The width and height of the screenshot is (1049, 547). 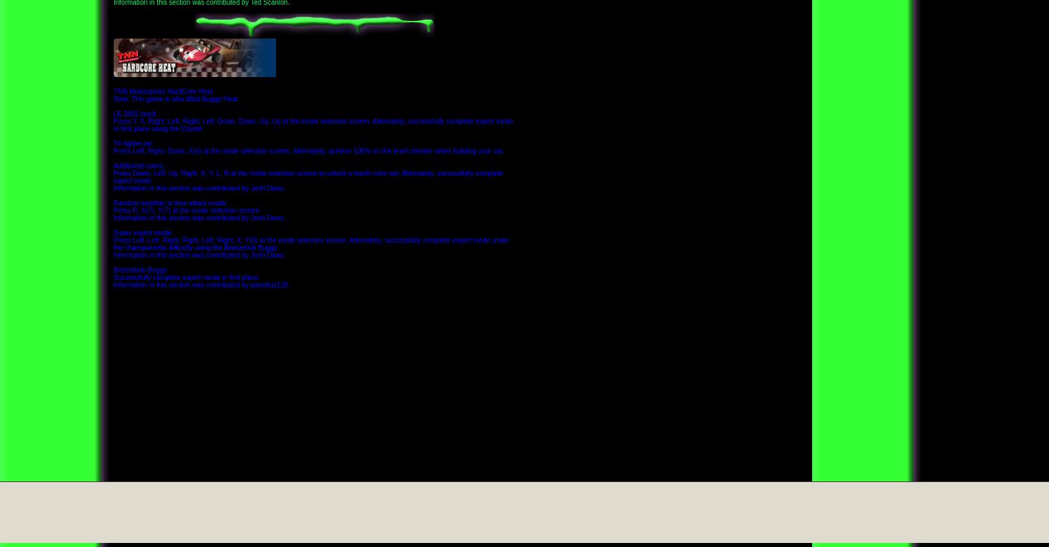 I want to click on 'Press Down, Left, Up, Right, X, Y, L, R at the mode selection screen to unlock a fourth color set. Alternately, successfully complete expert mode.', so click(x=308, y=175).